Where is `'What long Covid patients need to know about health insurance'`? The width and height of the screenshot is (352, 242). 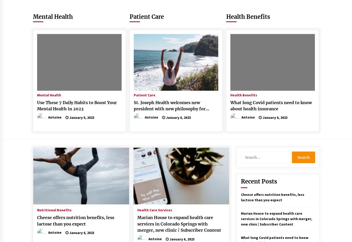
'What long Covid patients need to know about health insurance' is located at coordinates (271, 105).